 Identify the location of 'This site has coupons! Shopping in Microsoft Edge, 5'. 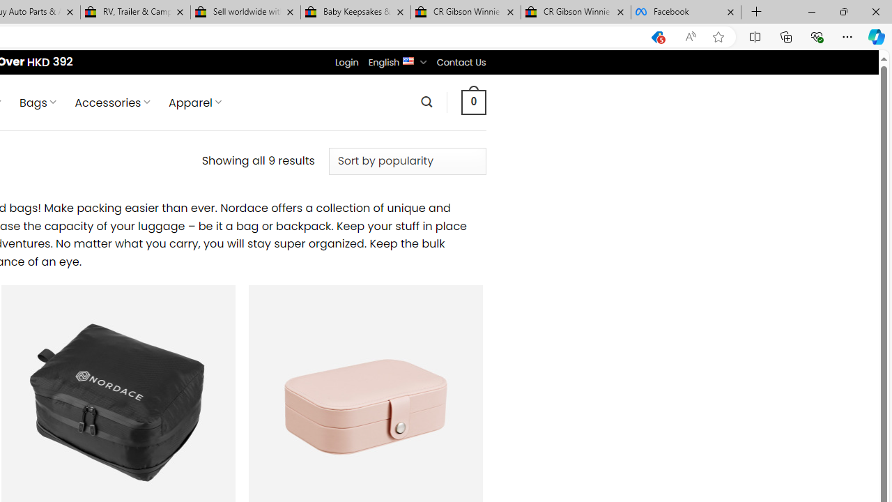
(656, 36).